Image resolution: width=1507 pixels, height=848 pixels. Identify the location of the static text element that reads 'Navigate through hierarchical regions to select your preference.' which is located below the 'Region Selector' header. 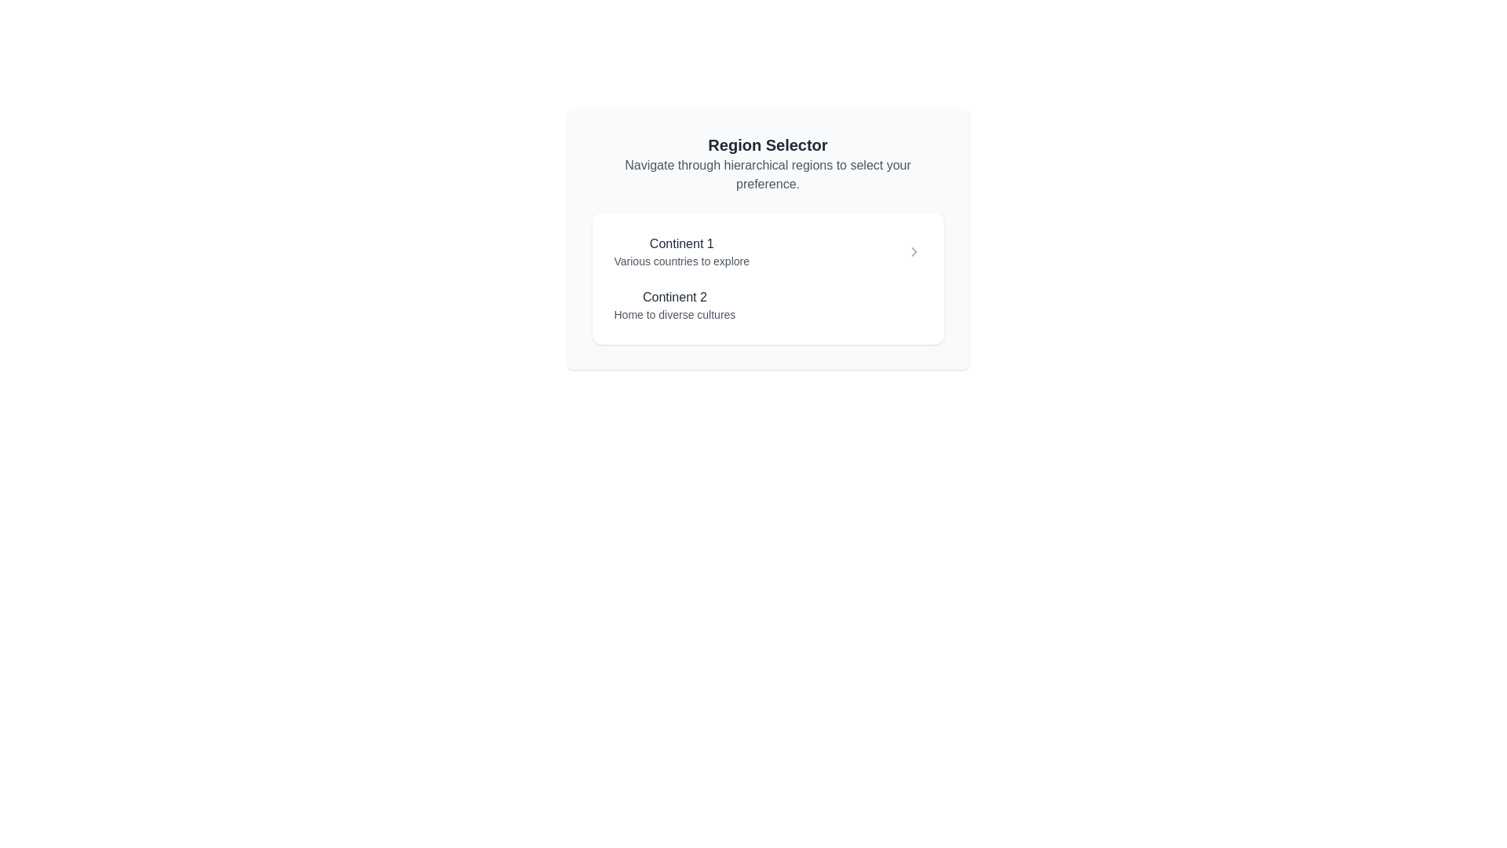
(768, 175).